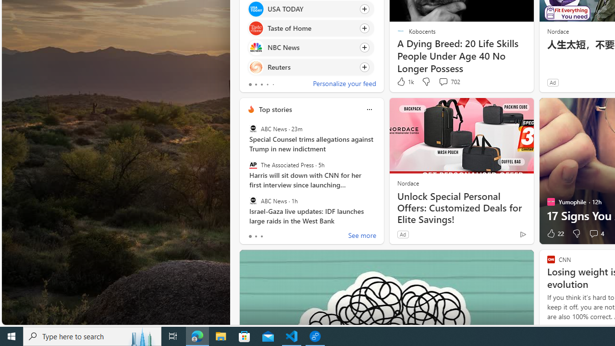  I want to click on '1k Like', so click(405, 81).